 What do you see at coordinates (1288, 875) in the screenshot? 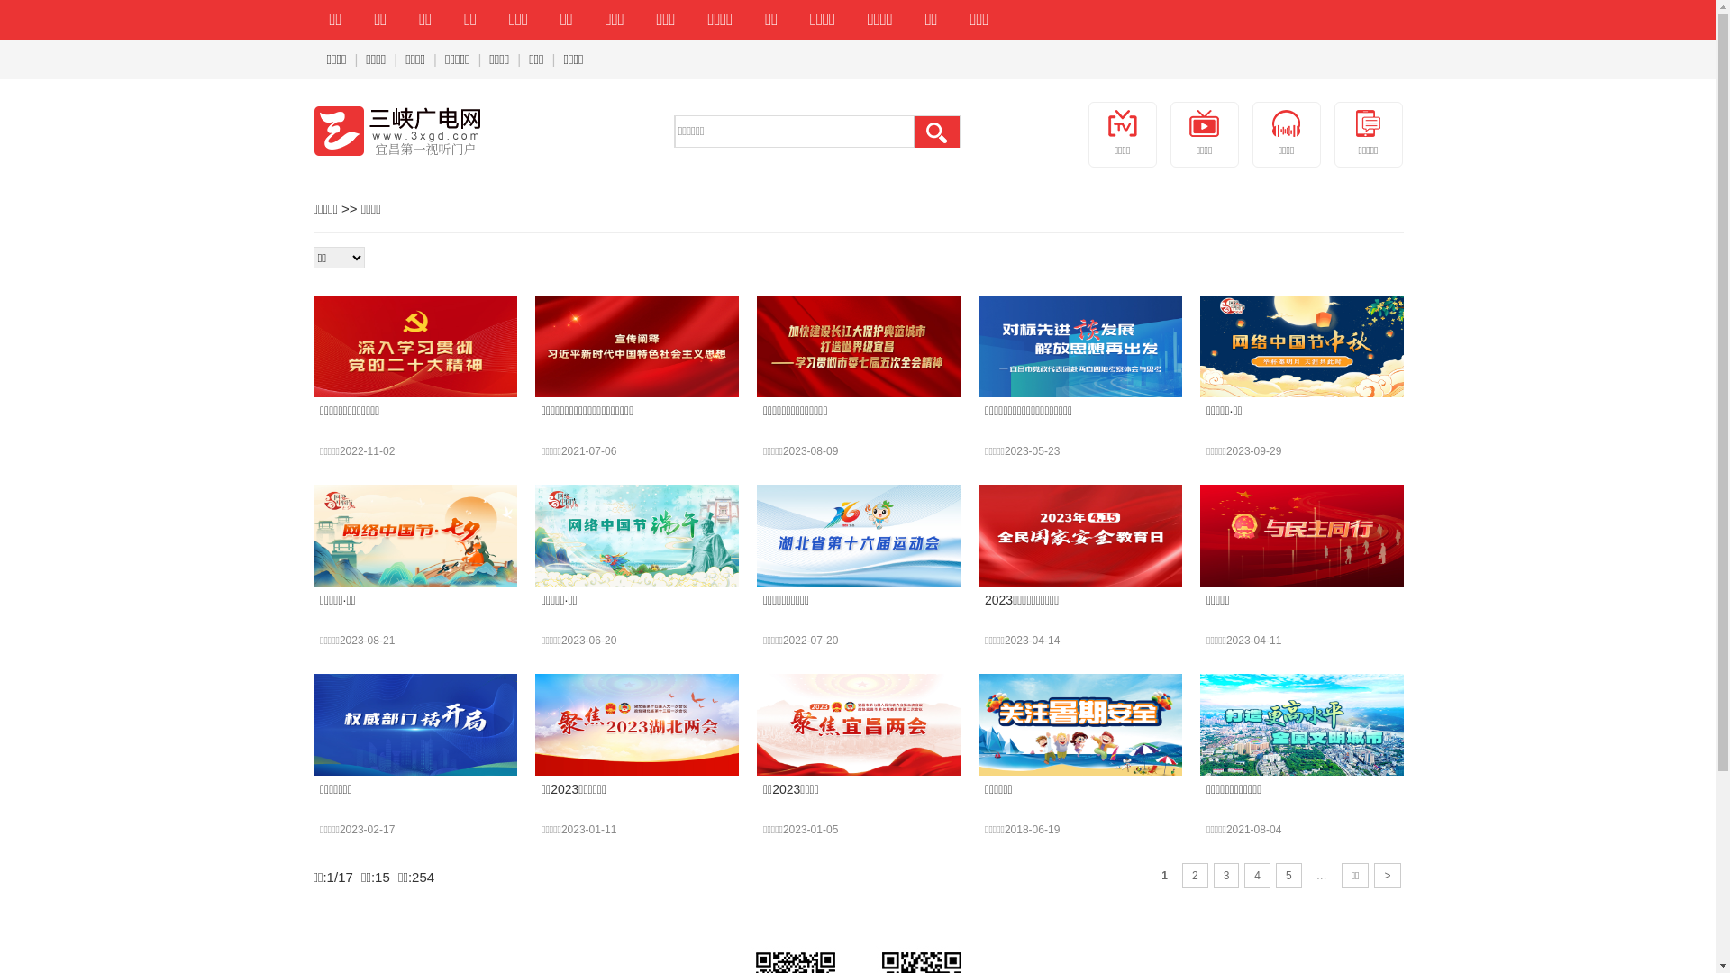
I see `'5'` at bounding box center [1288, 875].